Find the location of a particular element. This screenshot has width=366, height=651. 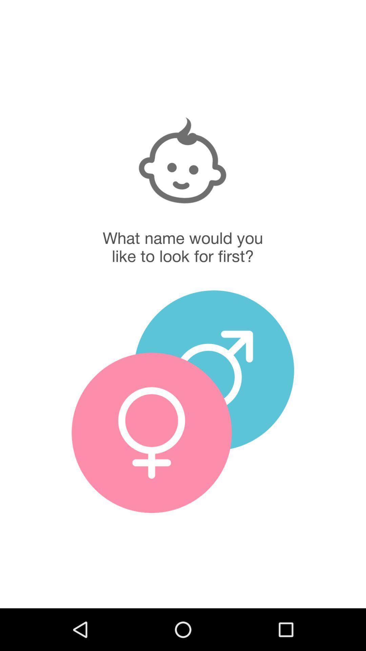

female gender is located at coordinates (151, 432).